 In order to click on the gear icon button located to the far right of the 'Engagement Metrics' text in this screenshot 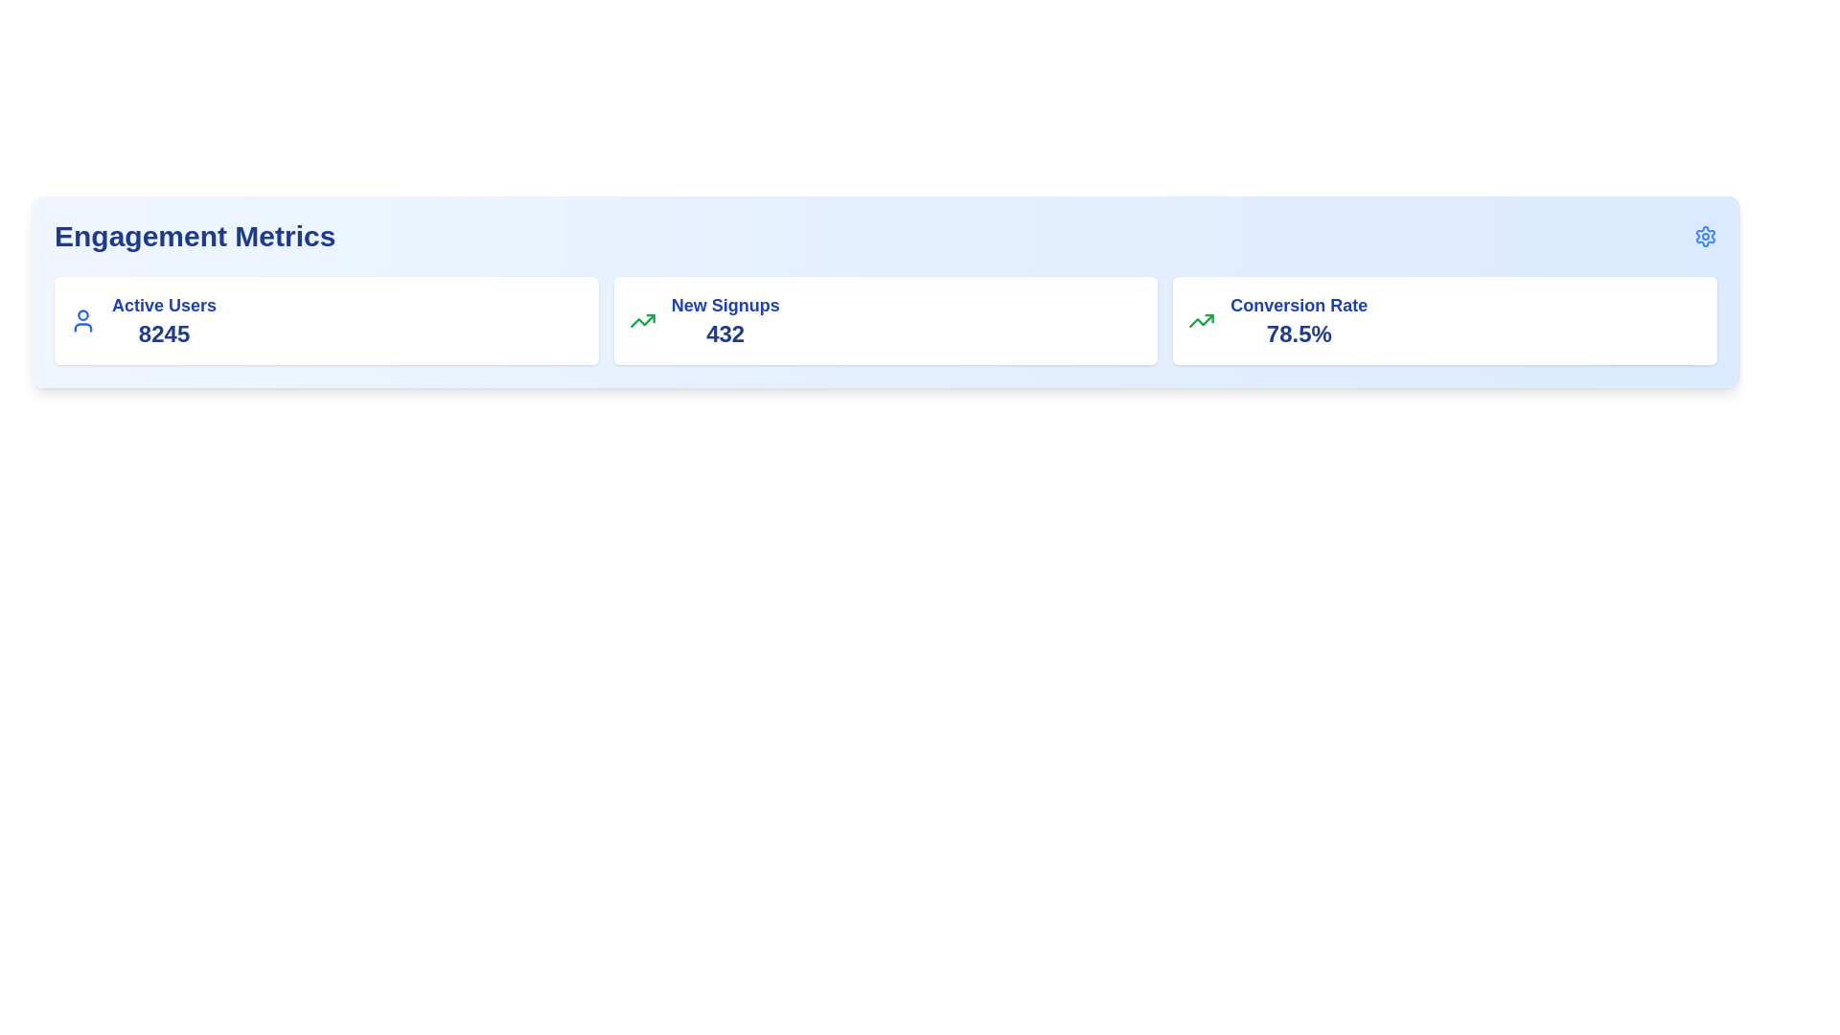, I will do `click(1706, 235)`.